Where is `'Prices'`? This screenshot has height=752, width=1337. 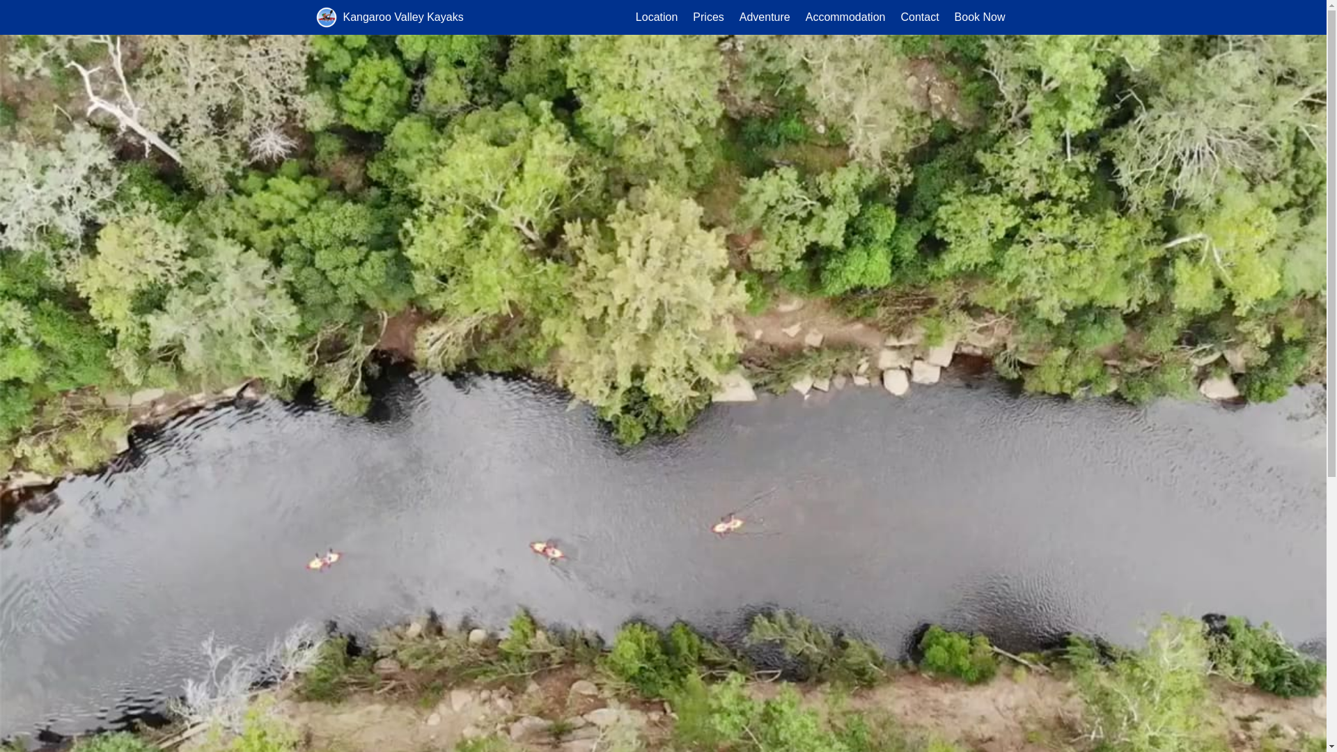
'Prices' is located at coordinates (708, 17).